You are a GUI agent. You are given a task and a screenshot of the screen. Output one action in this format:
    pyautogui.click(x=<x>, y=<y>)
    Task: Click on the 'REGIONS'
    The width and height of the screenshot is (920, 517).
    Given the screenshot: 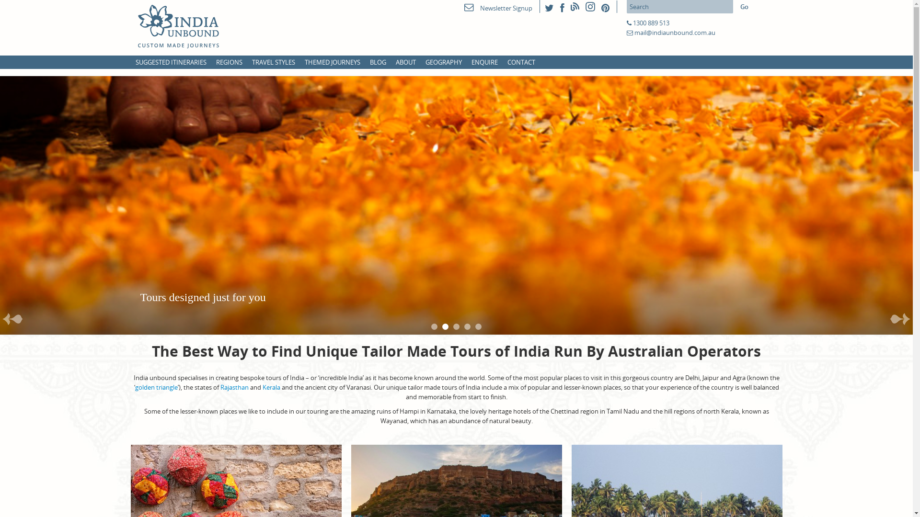 What is the action you would take?
    pyautogui.click(x=228, y=62)
    